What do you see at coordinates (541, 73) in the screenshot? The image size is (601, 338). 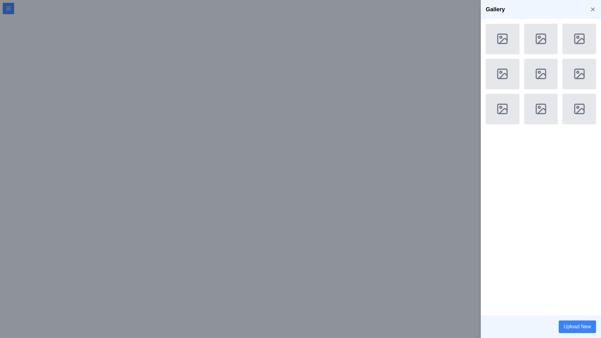 I see `the gallery item located in the second row and second column of a 3x3 grid by clicking on it` at bounding box center [541, 73].